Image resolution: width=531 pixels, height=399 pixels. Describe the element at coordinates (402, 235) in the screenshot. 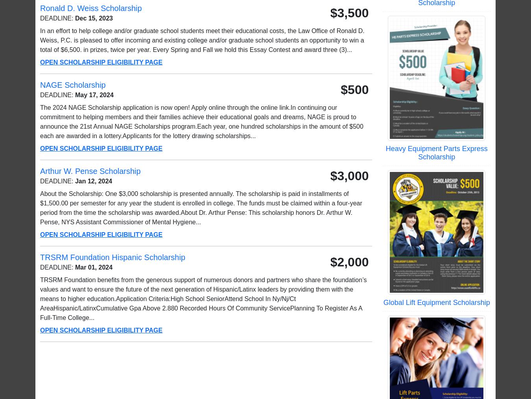

I see `'Review It Scholarship'` at that location.